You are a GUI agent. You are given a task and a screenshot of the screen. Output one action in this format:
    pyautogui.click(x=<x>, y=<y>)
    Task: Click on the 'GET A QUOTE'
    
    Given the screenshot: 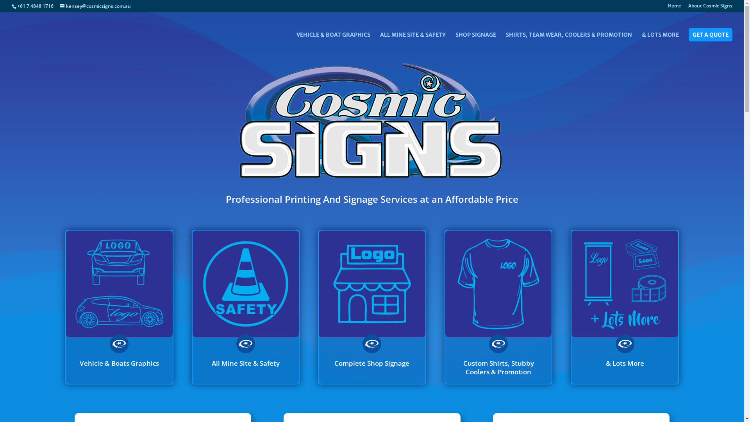 What is the action you would take?
    pyautogui.click(x=711, y=34)
    